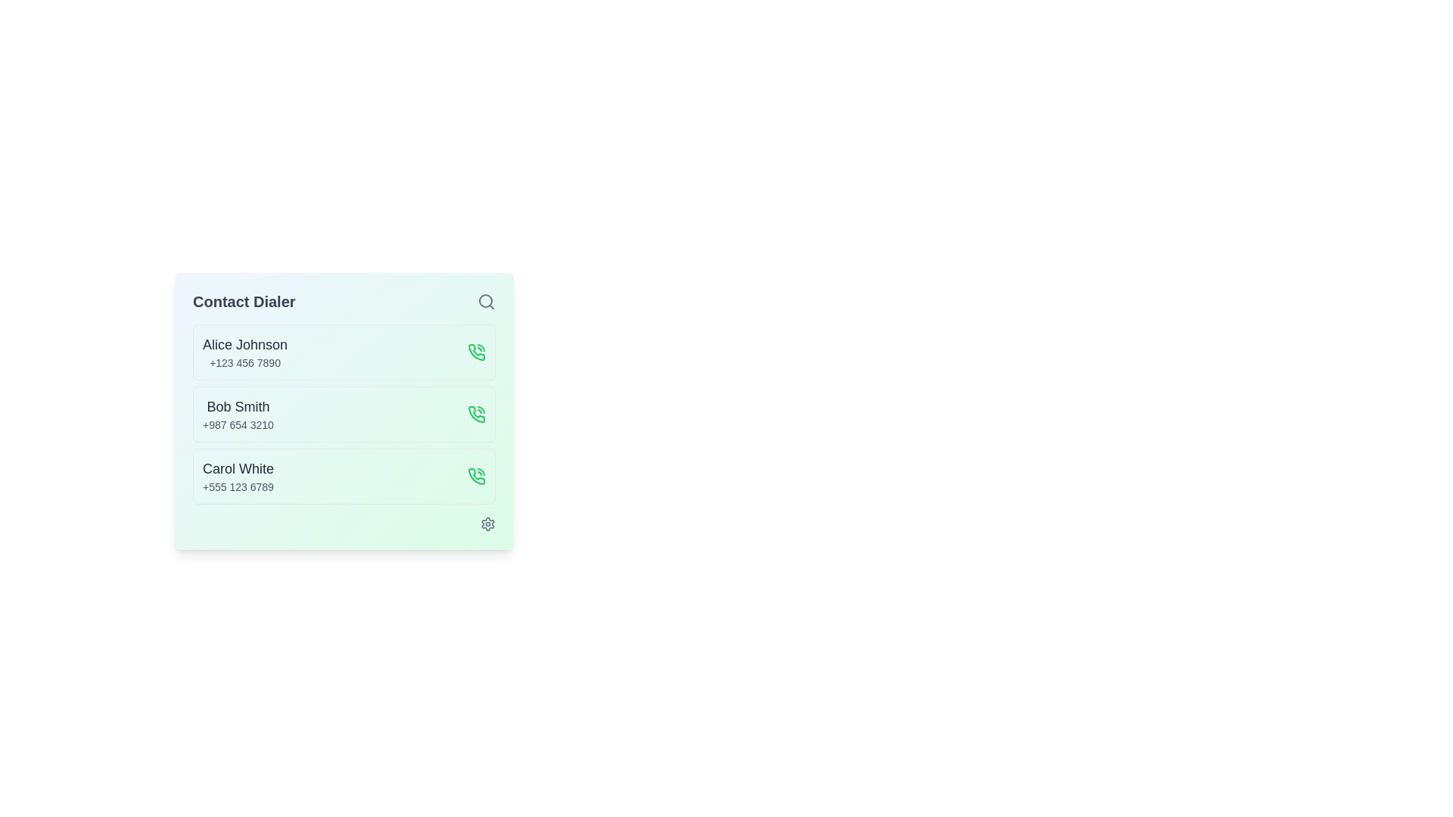 The width and height of the screenshot is (1453, 817). I want to click on text from the Text Label displaying 'Bob Smith', which is prominently styled and located above the phone number in the second row of contact entries, so click(237, 405).